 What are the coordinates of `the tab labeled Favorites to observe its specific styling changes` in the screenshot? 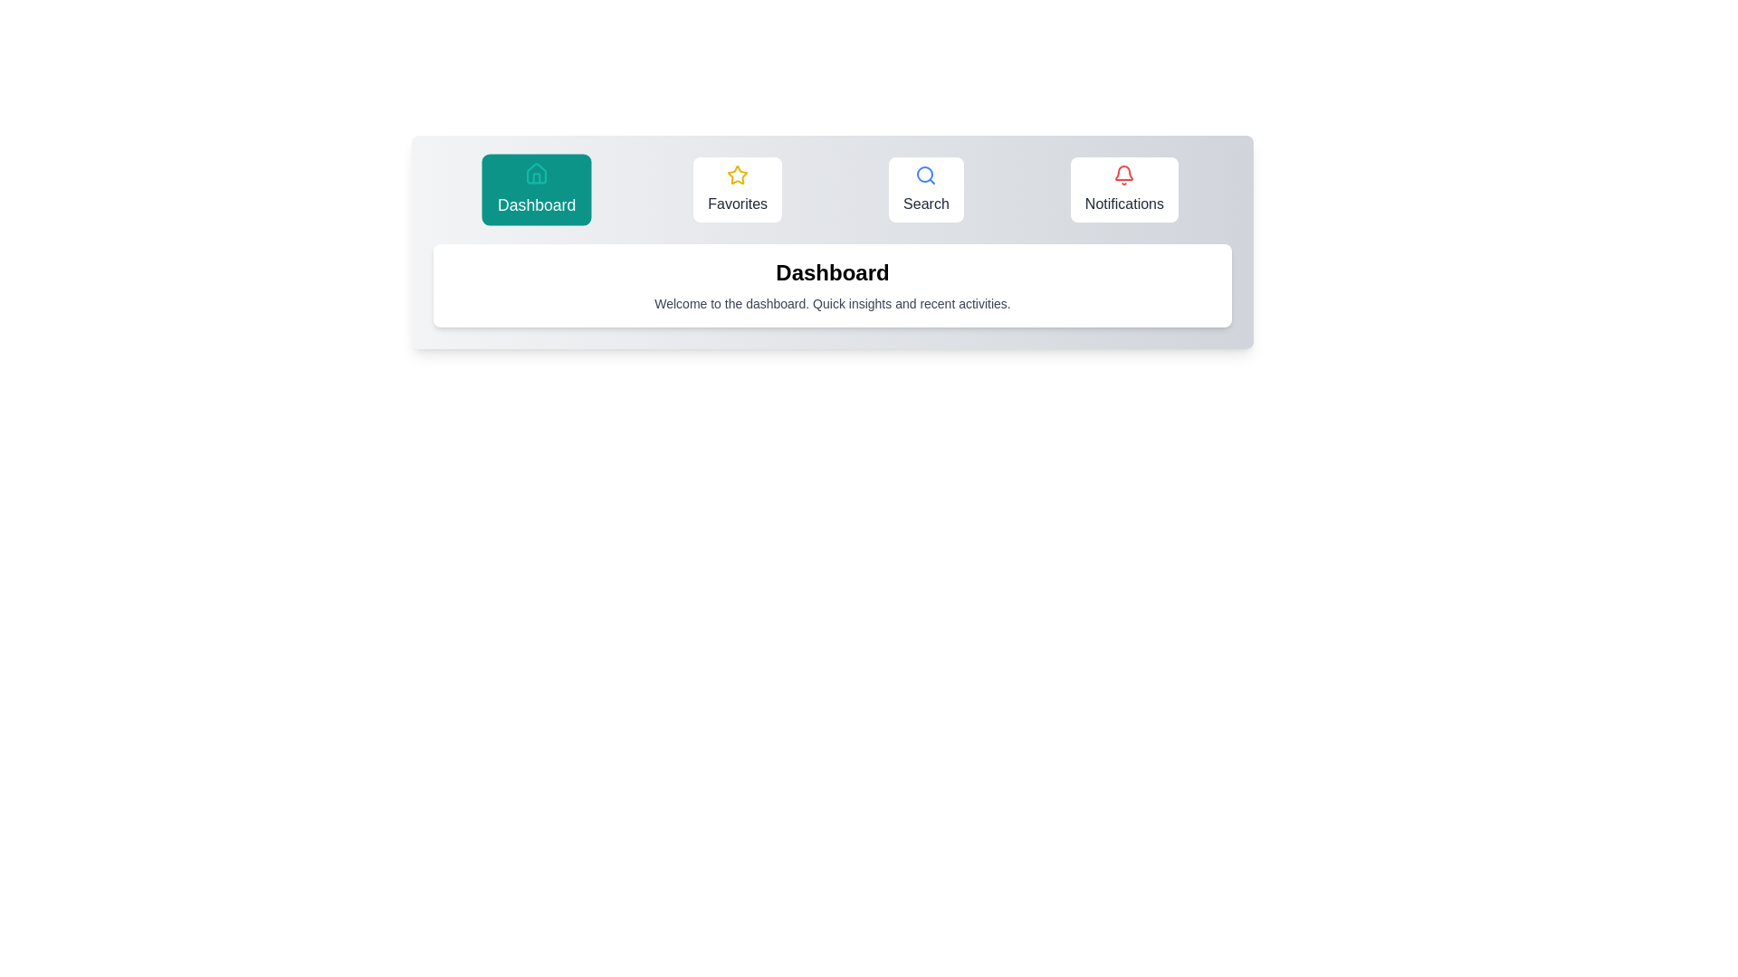 It's located at (738, 189).